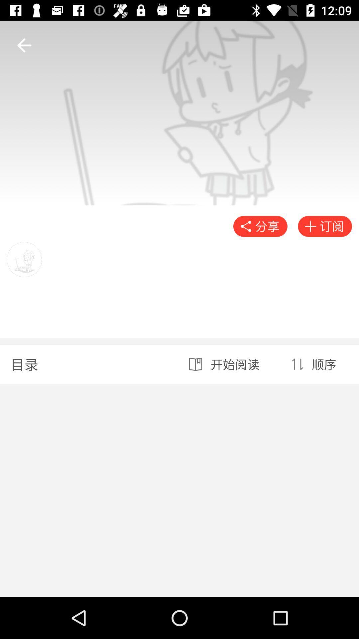  What do you see at coordinates (24, 45) in the screenshot?
I see `the arrow_backward icon` at bounding box center [24, 45].